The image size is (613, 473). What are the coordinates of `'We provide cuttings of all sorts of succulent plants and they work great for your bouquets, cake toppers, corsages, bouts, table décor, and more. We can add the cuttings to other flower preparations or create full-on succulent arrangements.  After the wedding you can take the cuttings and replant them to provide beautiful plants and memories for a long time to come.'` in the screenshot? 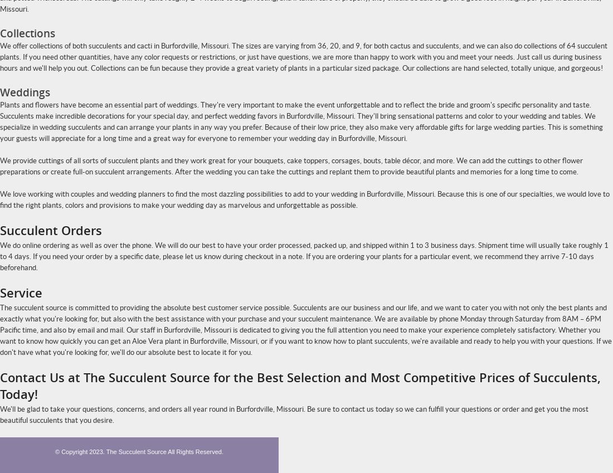 It's located at (291, 165).